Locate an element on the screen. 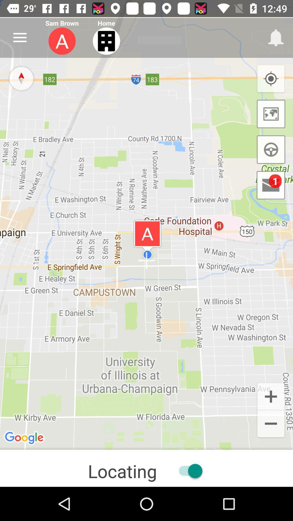 This screenshot has width=293, height=521. the location_crosshair icon is located at coordinates (271, 79).